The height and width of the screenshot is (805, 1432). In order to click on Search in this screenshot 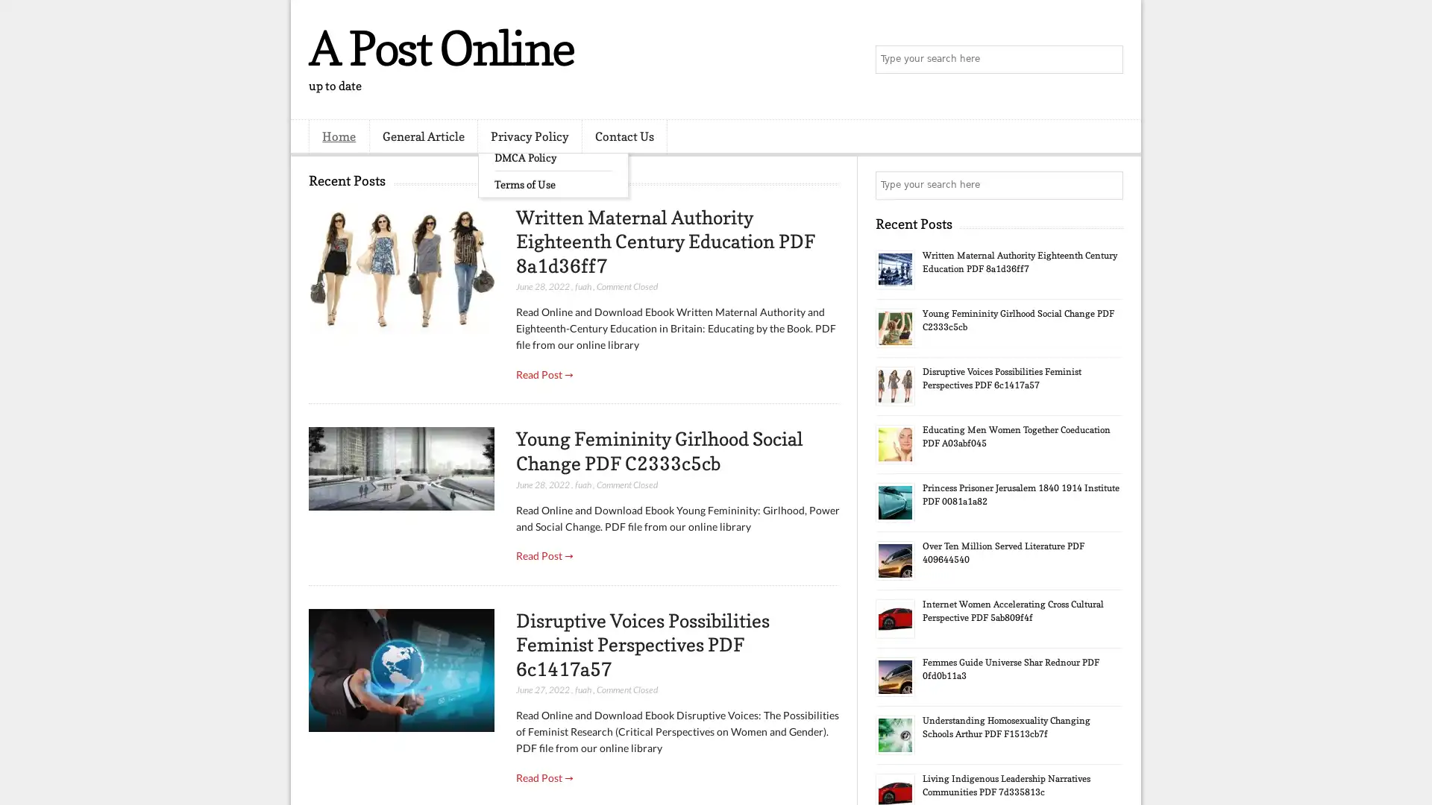, I will do `click(1108, 60)`.